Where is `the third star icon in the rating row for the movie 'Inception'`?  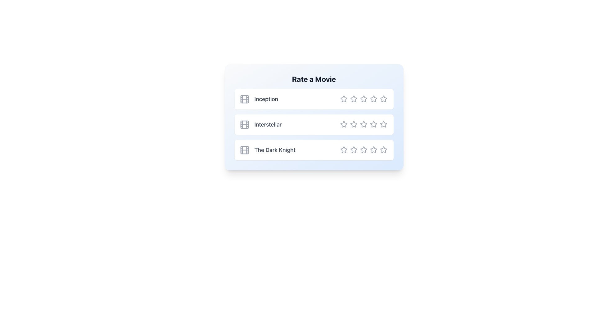 the third star icon in the rating row for the movie 'Inception' is located at coordinates (363, 98).